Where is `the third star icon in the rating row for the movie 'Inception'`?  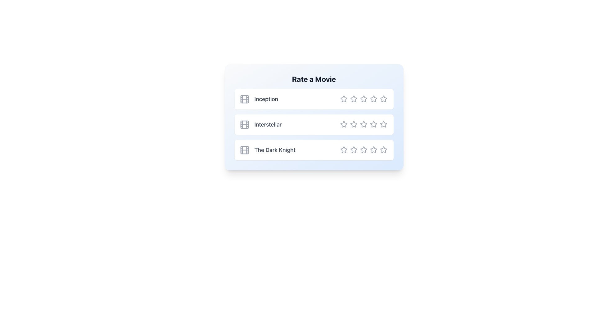 the third star icon in the rating row for the movie 'Inception' is located at coordinates (363, 98).